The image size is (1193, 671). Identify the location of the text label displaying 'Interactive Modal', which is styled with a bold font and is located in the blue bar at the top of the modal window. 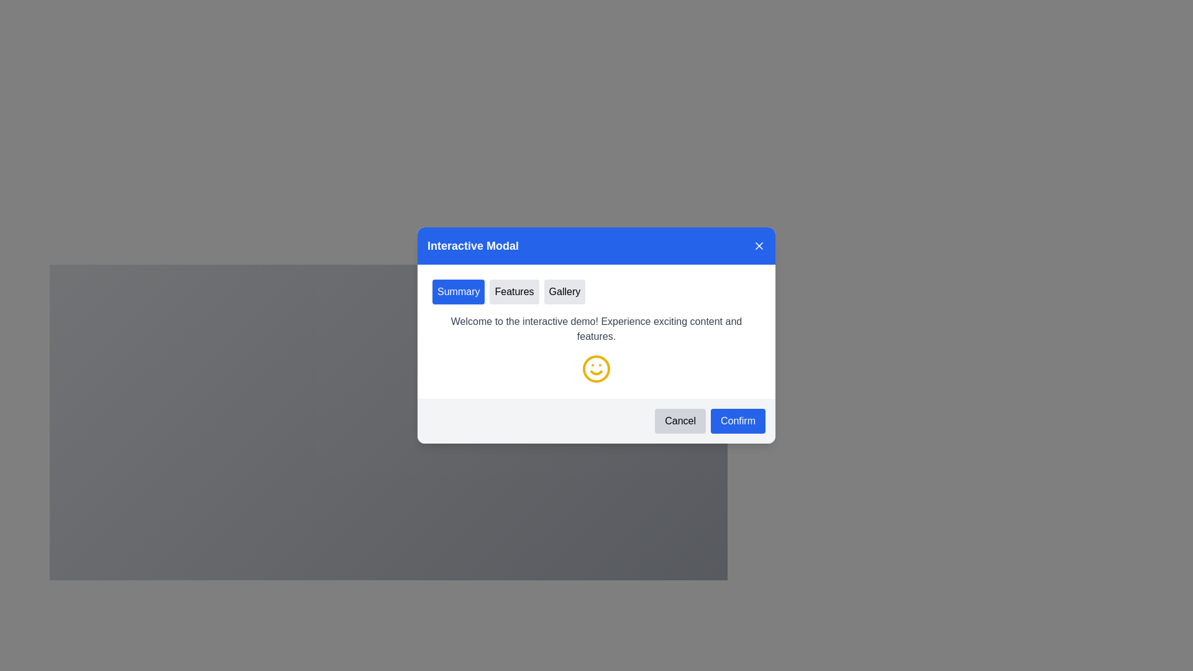
(472, 246).